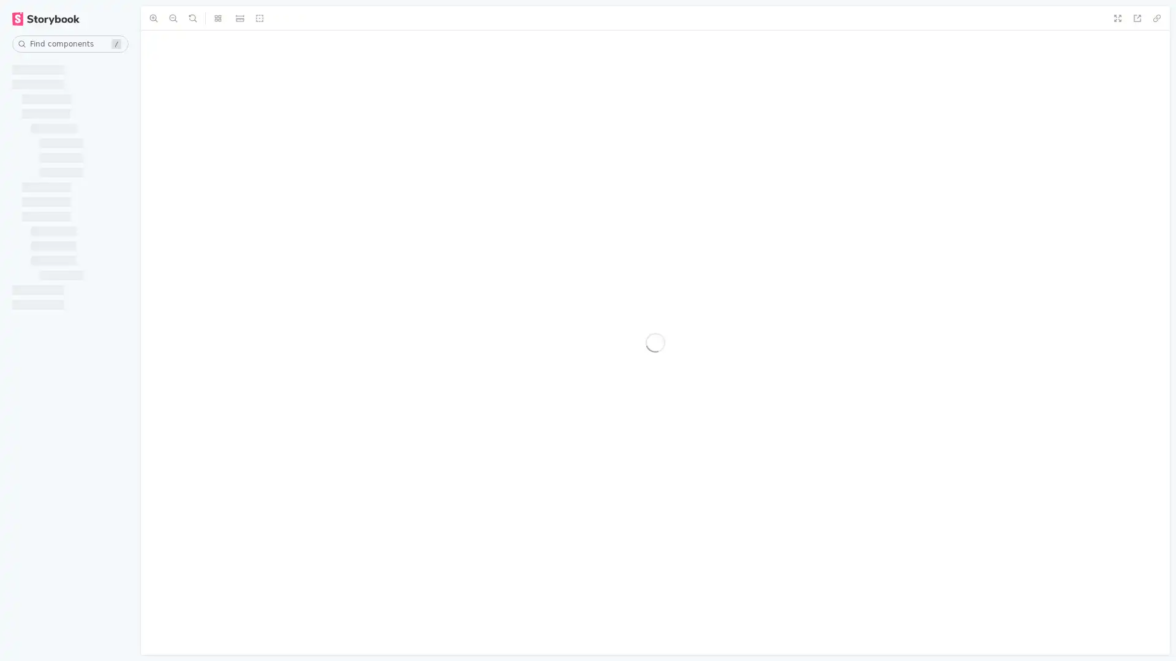  What do you see at coordinates (302, 18) in the screenshot?
I see `Themes` at bounding box center [302, 18].